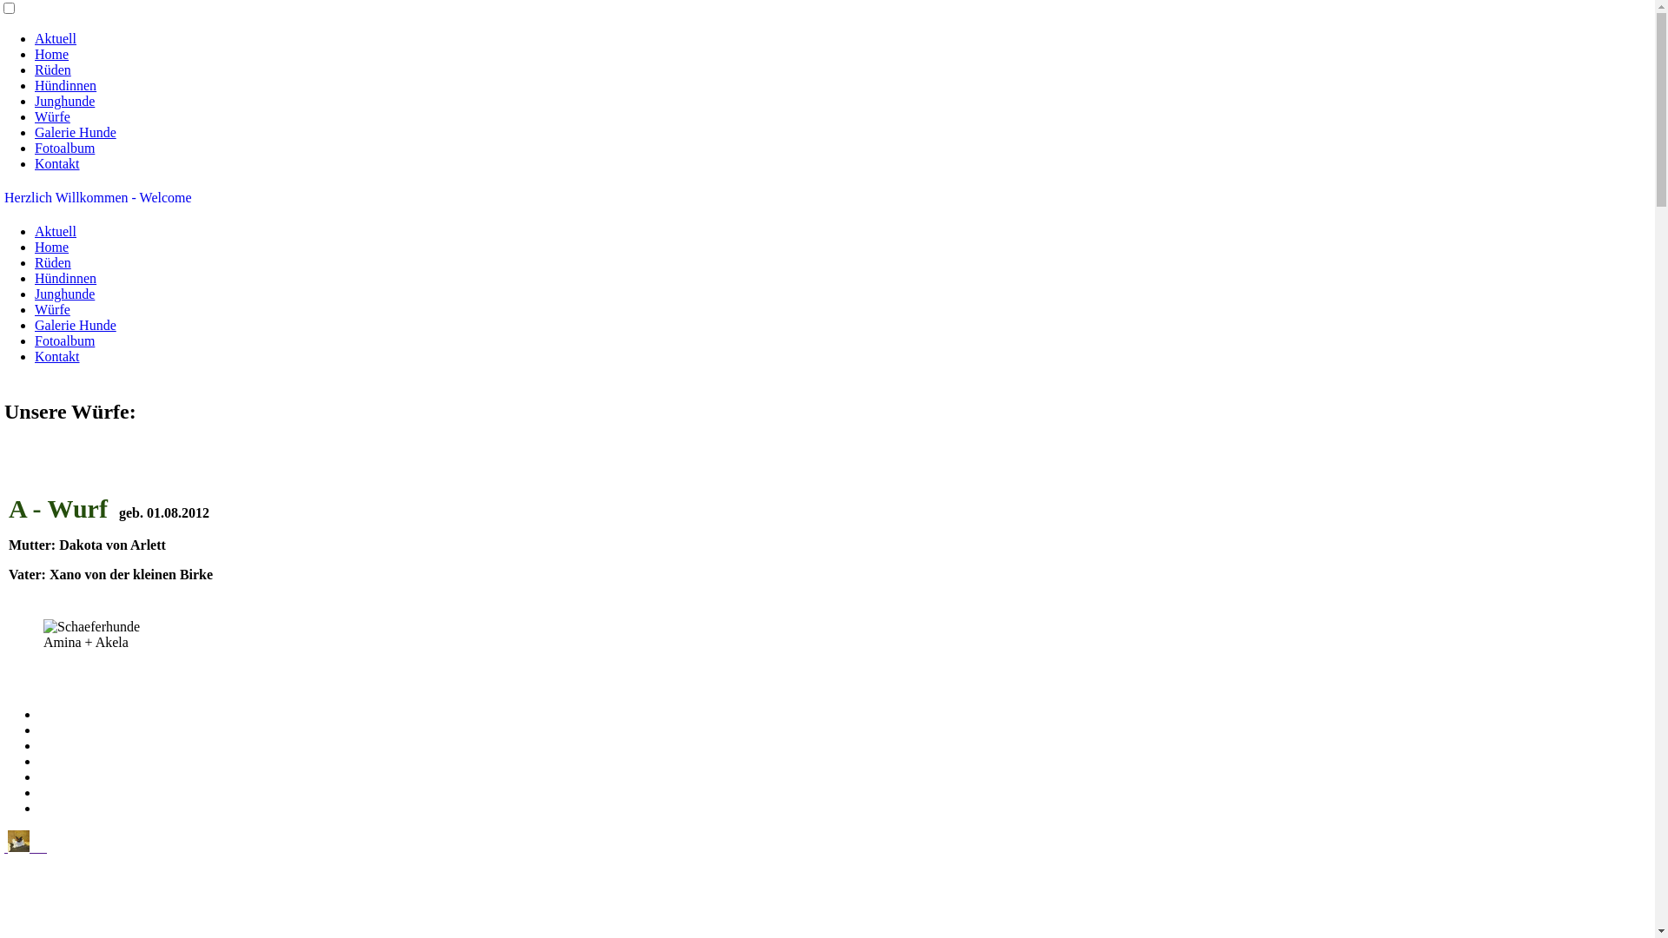 The image size is (1668, 938). What do you see at coordinates (34, 355) in the screenshot?
I see `'Kontakt'` at bounding box center [34, 355].